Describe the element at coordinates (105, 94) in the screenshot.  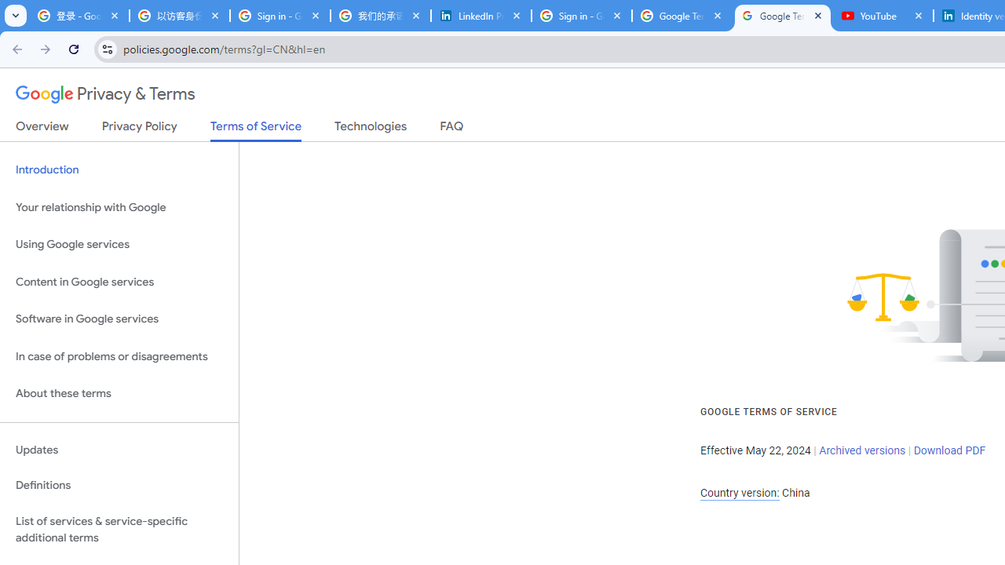
I see `'Privacy & Terms'` at that location.